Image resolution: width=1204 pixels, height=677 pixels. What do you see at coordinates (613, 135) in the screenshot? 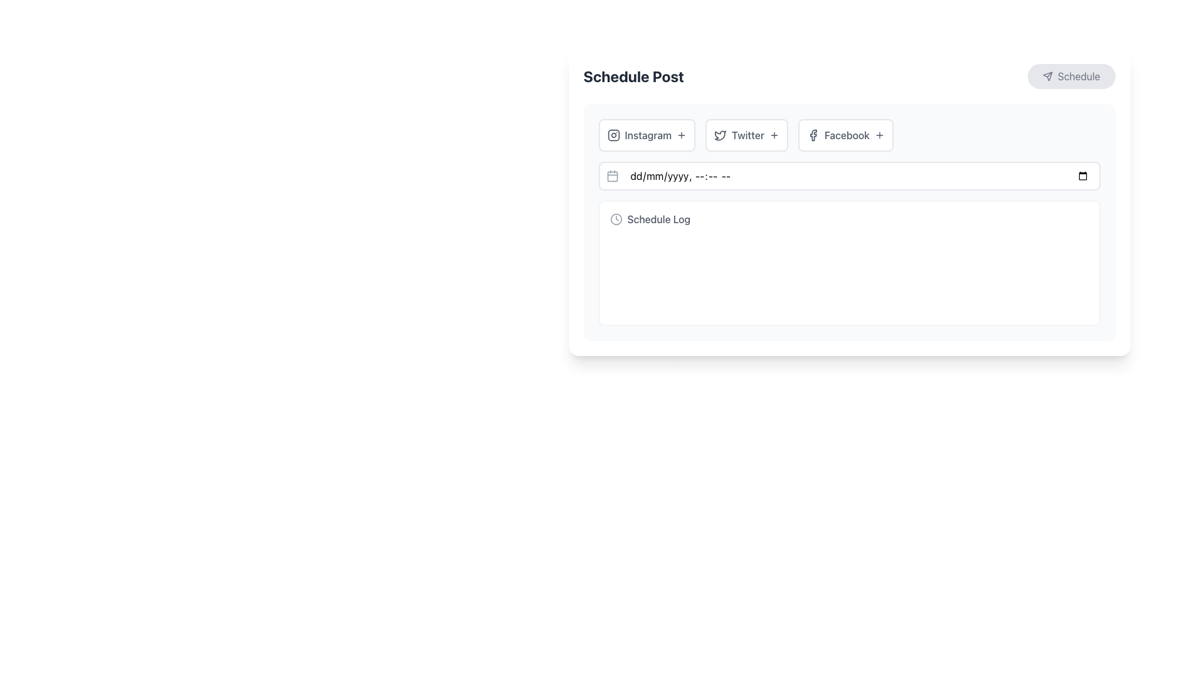
I see `the gray Instagram logo icon within the 'Schedule Post' interface, located at the top-left section preceding the 'Instagram' text` at bounding box center [613, 135].